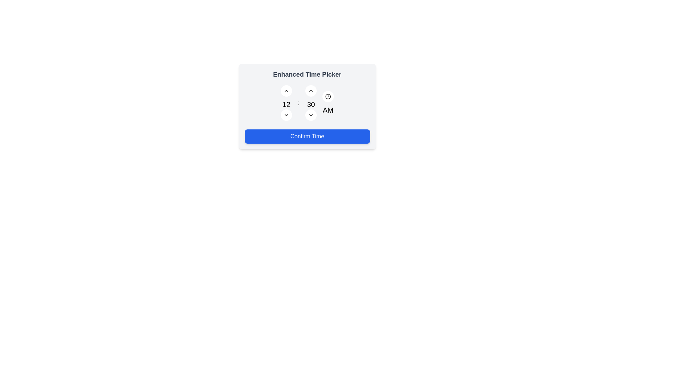 The height and width of the screenshot is (385, 684). What do you see at coordinates (307, 136) in the screenshot?
I see `the confirm button located at the bottom of the time selection interface in the centered modal to confirm the selected time` at bounding box center [307, 136].